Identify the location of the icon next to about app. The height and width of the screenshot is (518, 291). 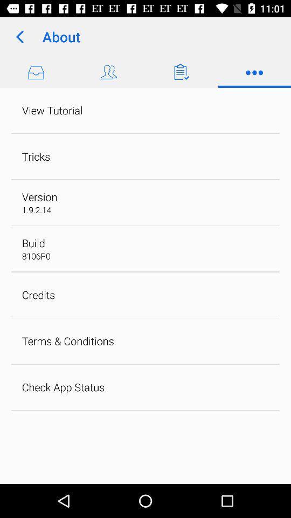
(19, 37).